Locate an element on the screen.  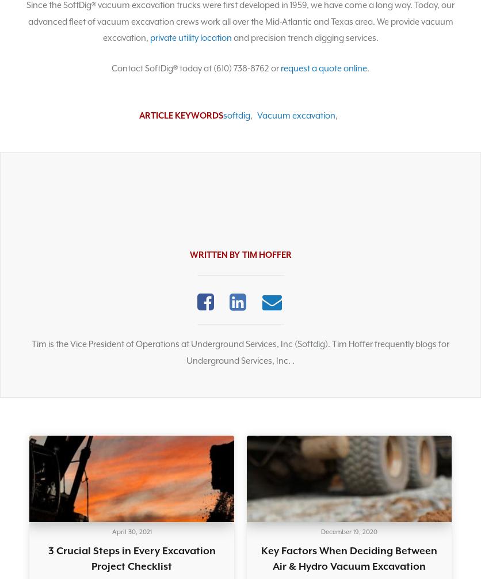
'or' is located at coordinates (269, 68).